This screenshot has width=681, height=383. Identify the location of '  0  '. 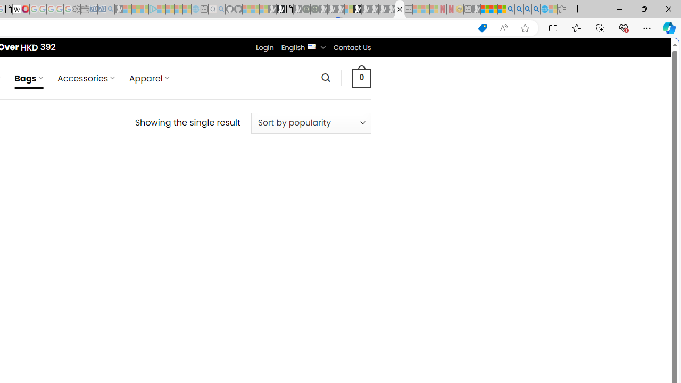
(361, 77).